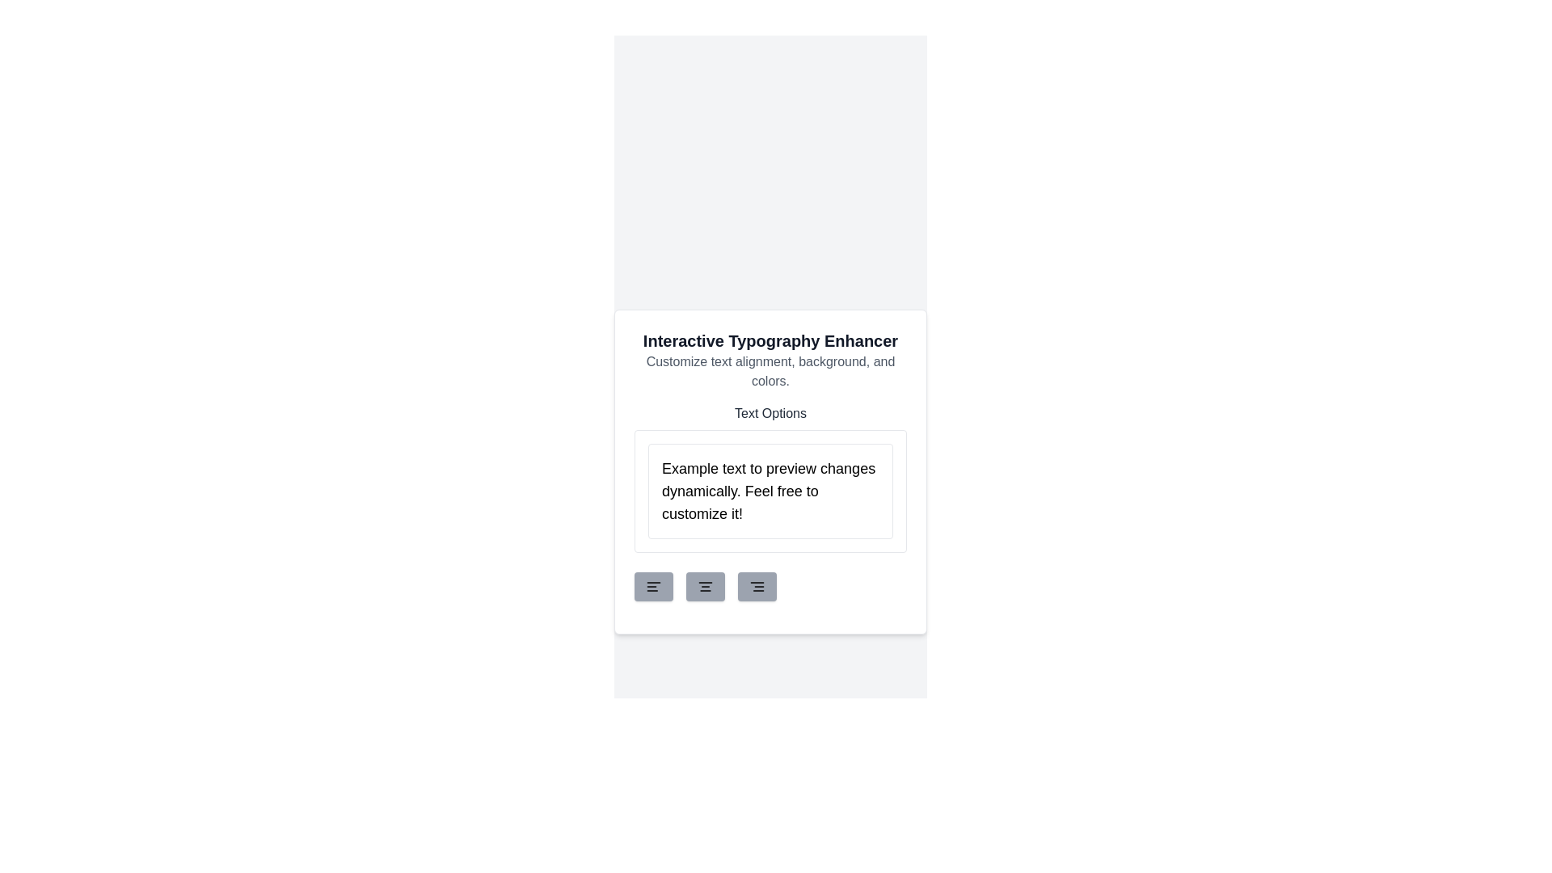 The height and width of the screenshot is (873, 1552). I want to click on the descriptive text block located directly below the 'Interactive Typography Enhancer' section, which provides supplementary information about its functionality, so click(770, 371).